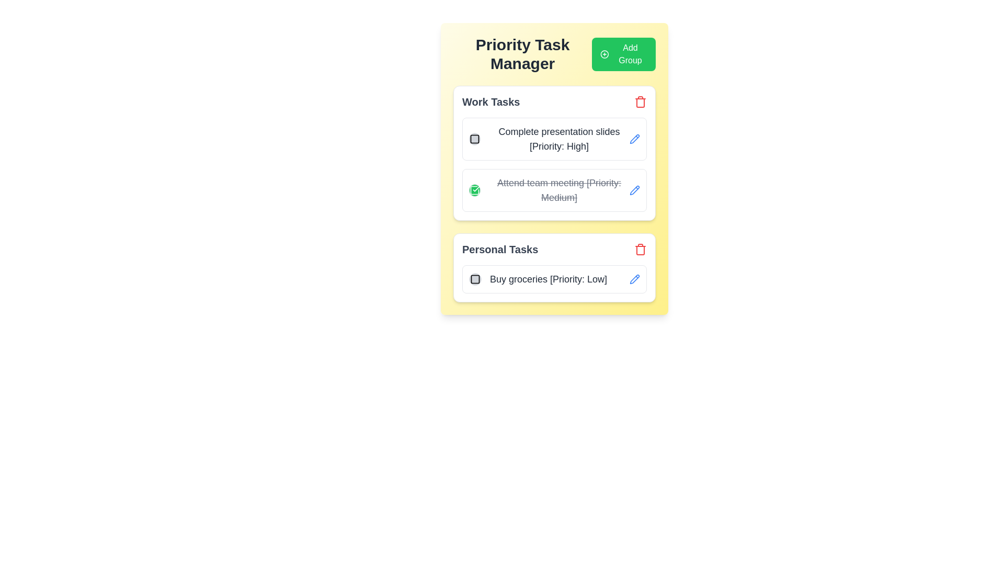 This screenshot has height=565, width=1004. Describe the element at coordinates (474, 139) in the screenshot. I see `the checkbox` at that location.